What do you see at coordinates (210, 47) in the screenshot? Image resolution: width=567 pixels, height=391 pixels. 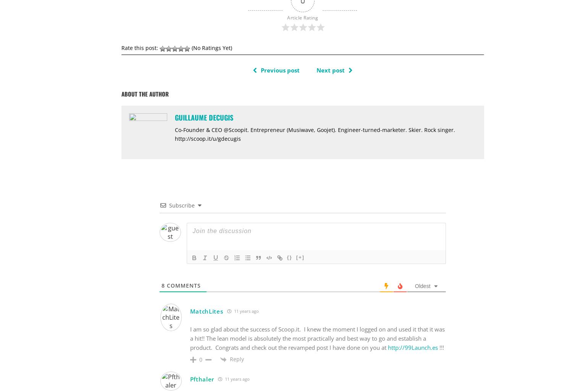 I see `'(No Ratings Yet)'` at bounding box center [210, 47].